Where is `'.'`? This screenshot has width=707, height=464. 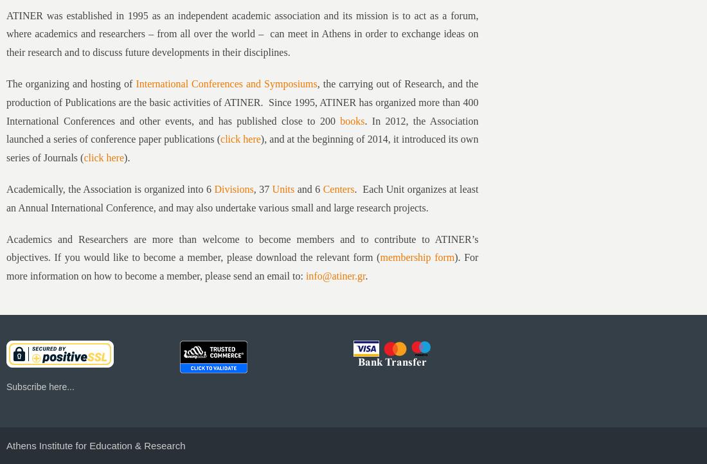
'.' is located at coordinates (366, 275).